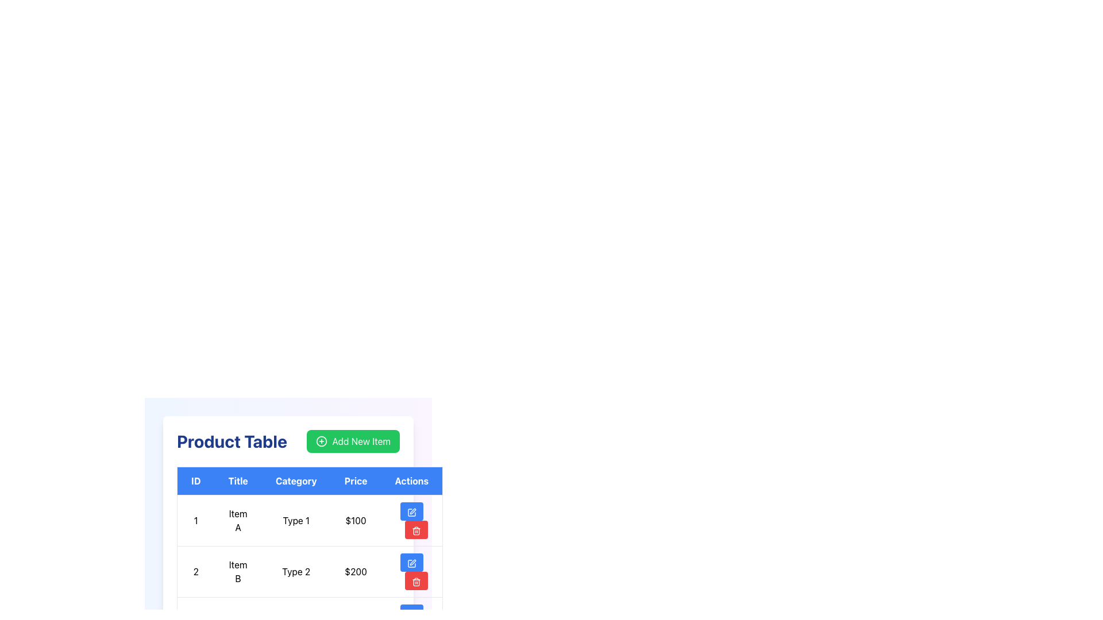 The width and height of the screenshot is (1103, 620). What do you see at coordinates (296, 480) in the screenshot?
I see `the text label that reads 'Category', which is styled with a blue background and white text, located in the table header row between 'Title' and 'Price'` at bounding box center [296, 480].